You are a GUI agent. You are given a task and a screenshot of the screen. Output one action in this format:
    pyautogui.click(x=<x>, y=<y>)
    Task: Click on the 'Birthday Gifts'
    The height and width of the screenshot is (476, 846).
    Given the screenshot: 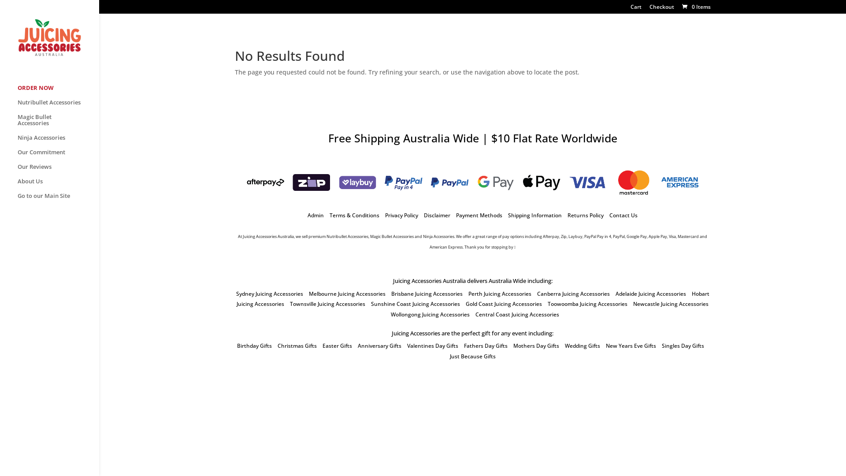 What is the action you would take?
    pyautogui.click(x=254, y=345)
    